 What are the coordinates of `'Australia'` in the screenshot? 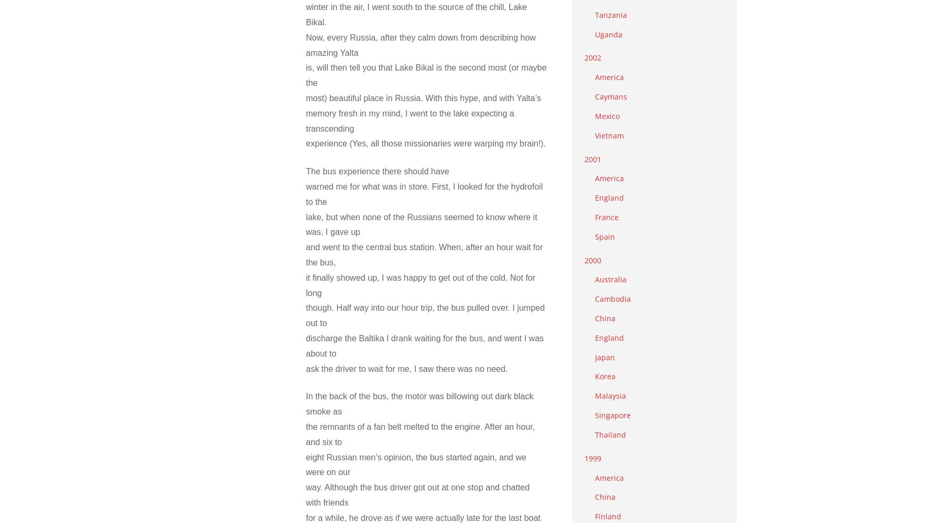 It's located at (611, 279).